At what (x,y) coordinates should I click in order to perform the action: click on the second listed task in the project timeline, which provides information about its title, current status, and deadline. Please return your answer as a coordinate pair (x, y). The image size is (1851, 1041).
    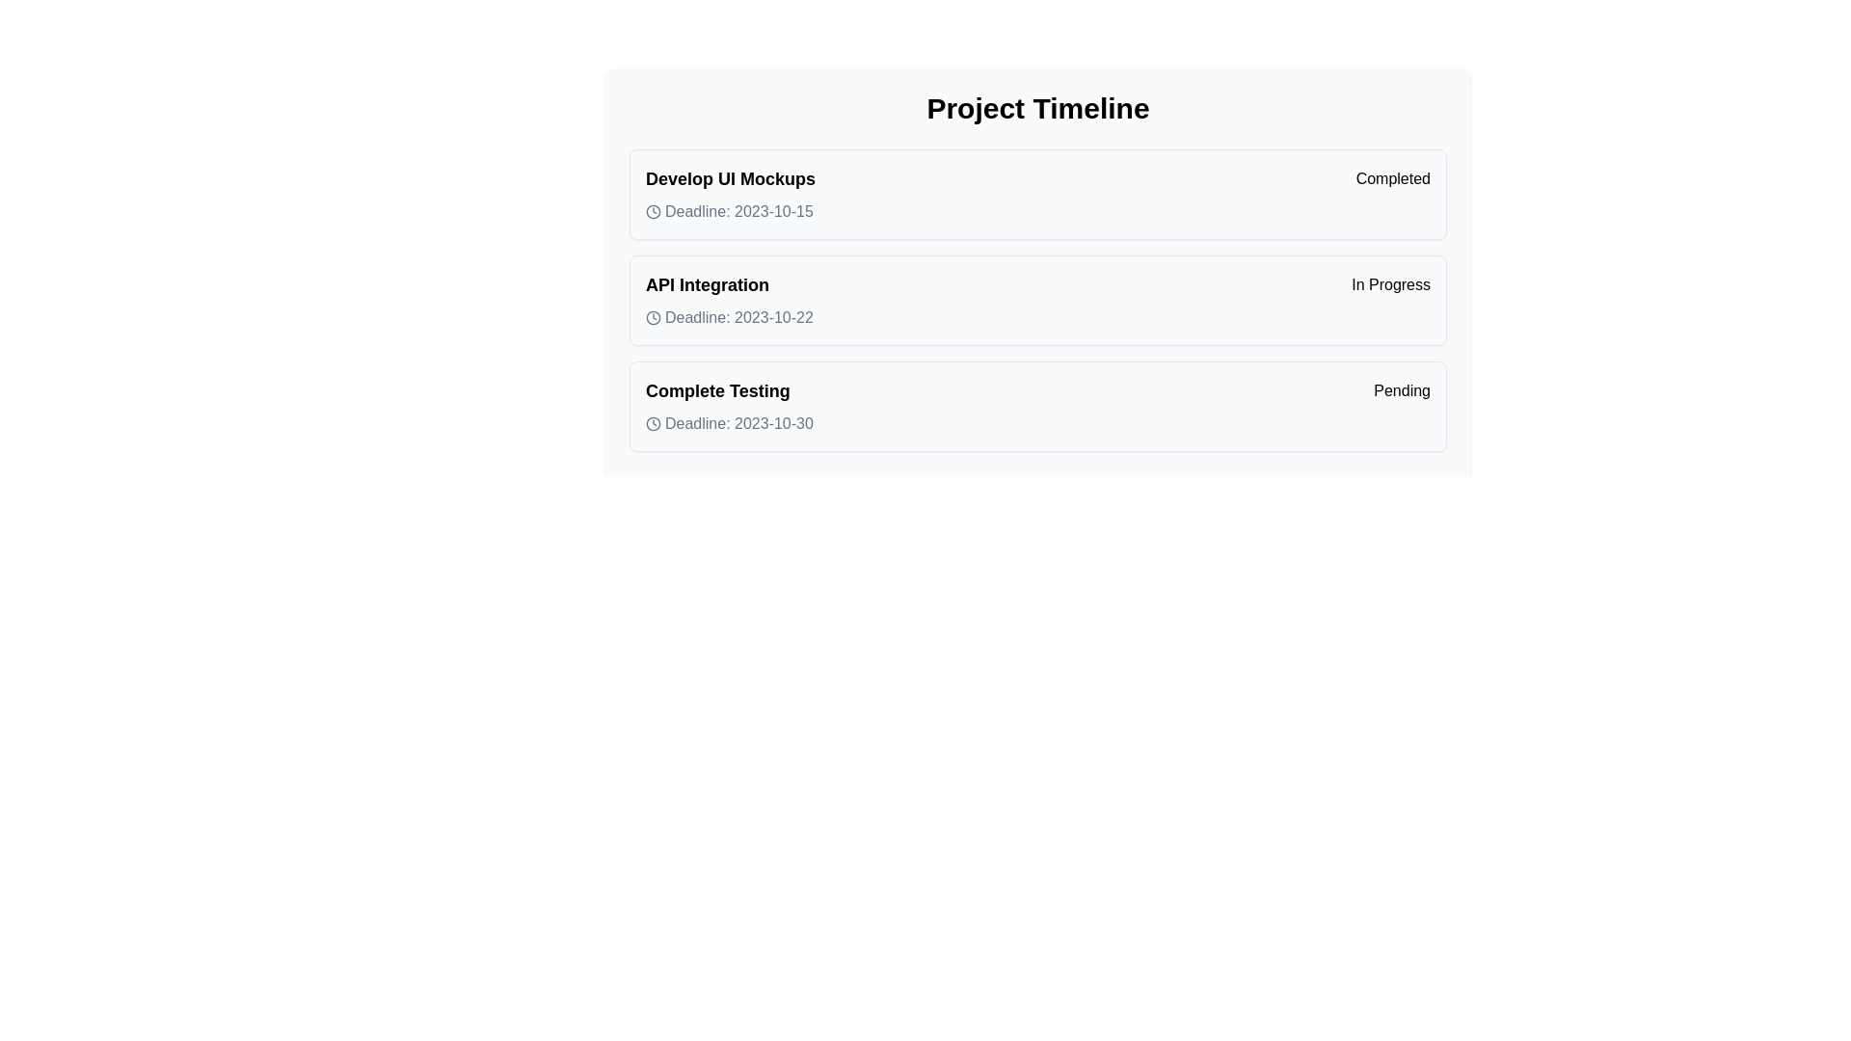
    Looking at the image, I should click on (1036, 301).